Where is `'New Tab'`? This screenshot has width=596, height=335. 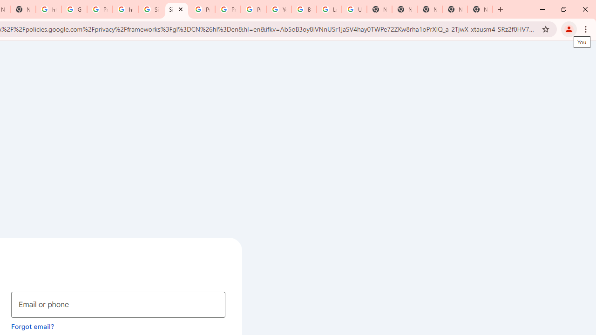 'New Tab' is located at coordinates (480, 9).